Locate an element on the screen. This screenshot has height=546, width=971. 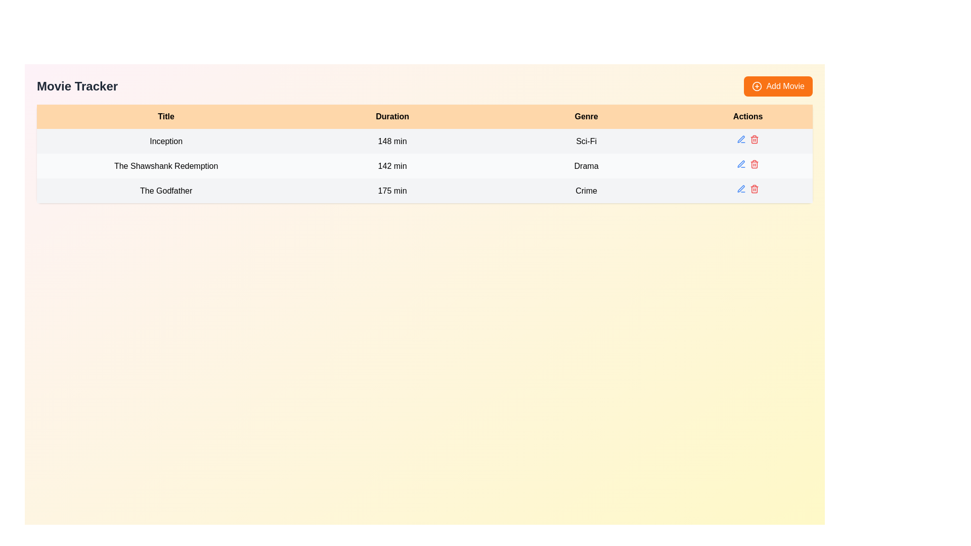
the delete button in the Actions column of the last row in the movie table is located at coordinates (755, 189).